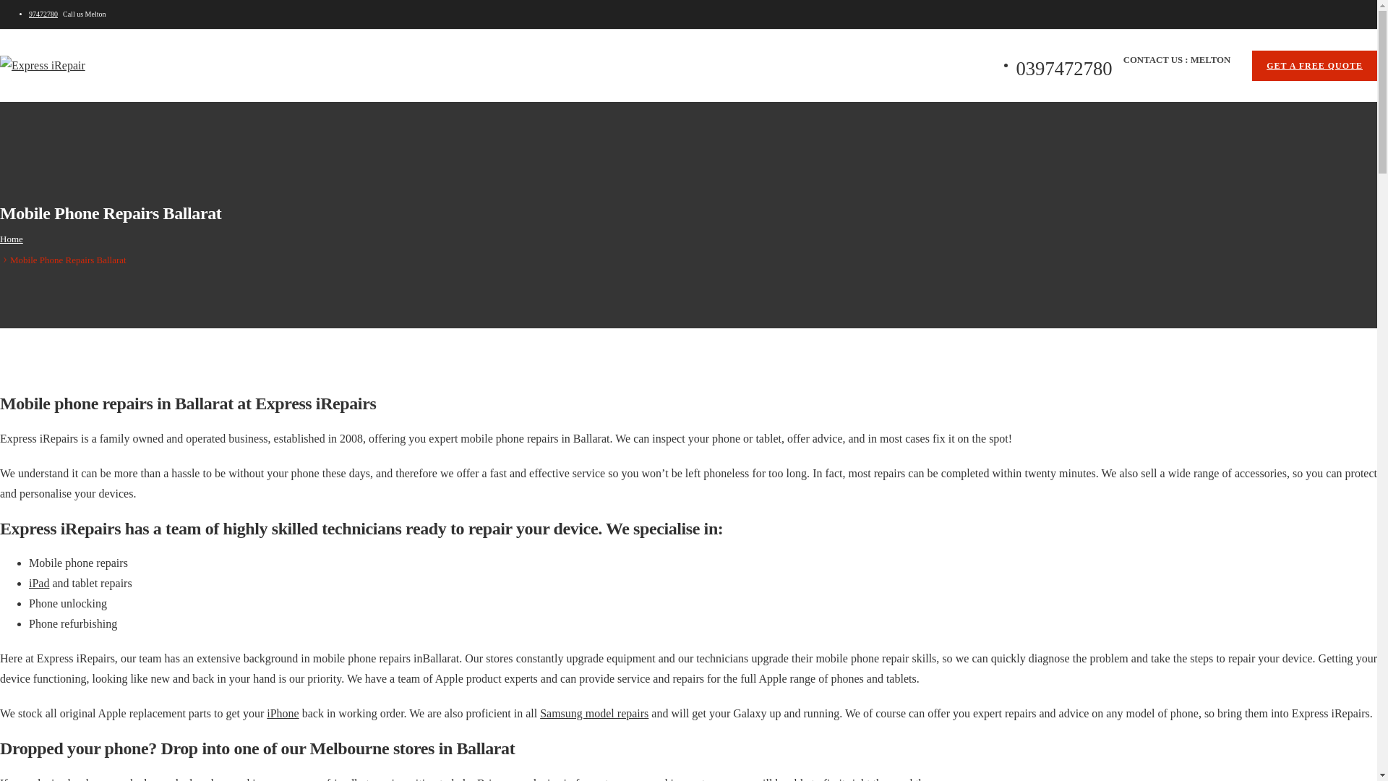 The width and height of the screenshot is (1388, 781). What do you see at coordinates (42, 66) in the screenshot?
I see `'Express iRepair'` at bounding box center [42, 66].